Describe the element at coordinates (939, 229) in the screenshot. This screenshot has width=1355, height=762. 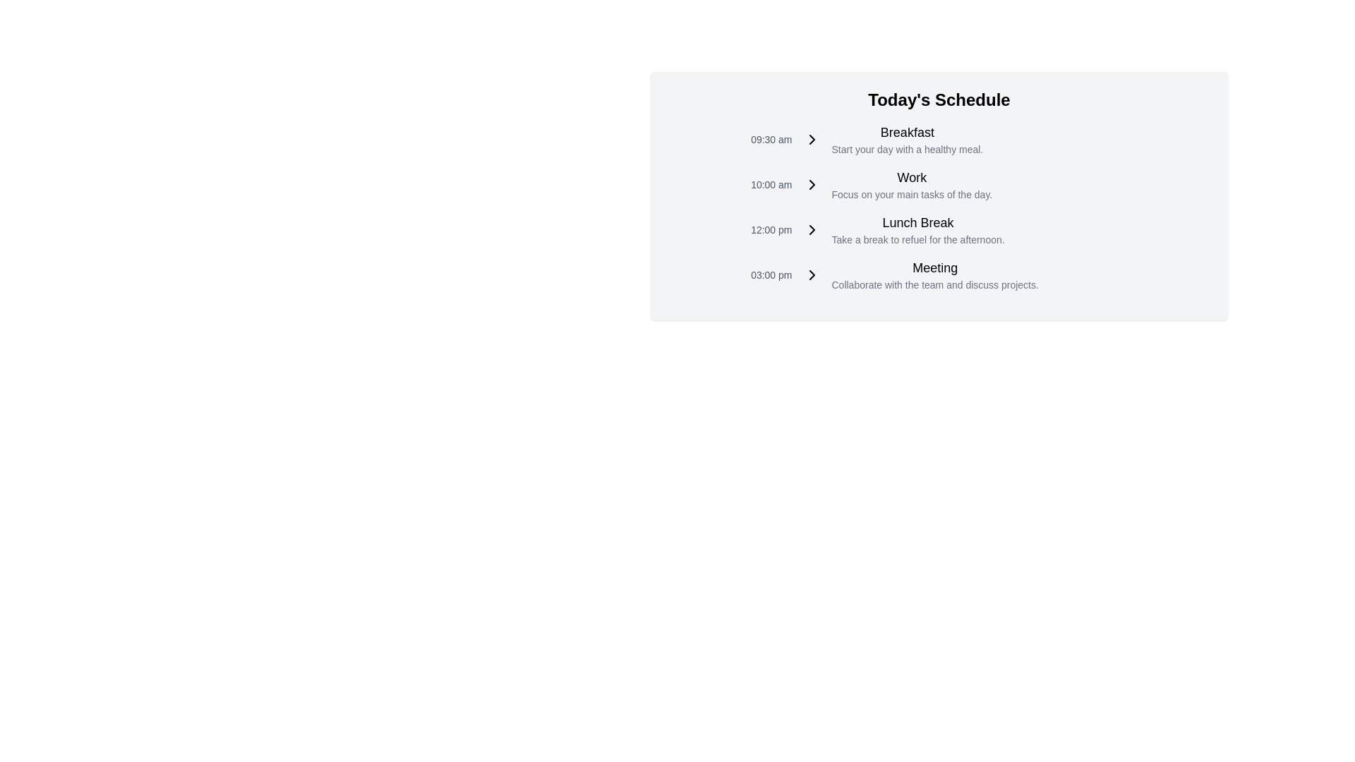
I see `the schedule row for 'Lunch Break' at '12:00 pm'` at that location.